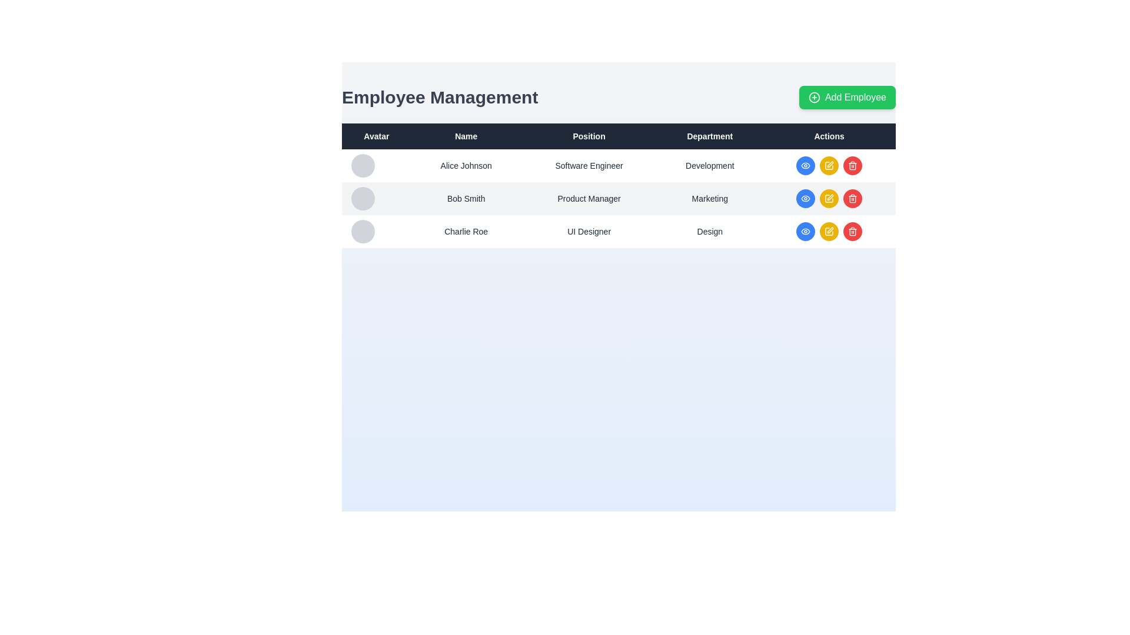  What do you see at coordinates (363, 231) in the screenshot?
I see `circular Avatar placeholder graphic element located in the leftmost column of the employee management table corresponding to the 'Charlie Roe' row` at bounding box center [363, 231].